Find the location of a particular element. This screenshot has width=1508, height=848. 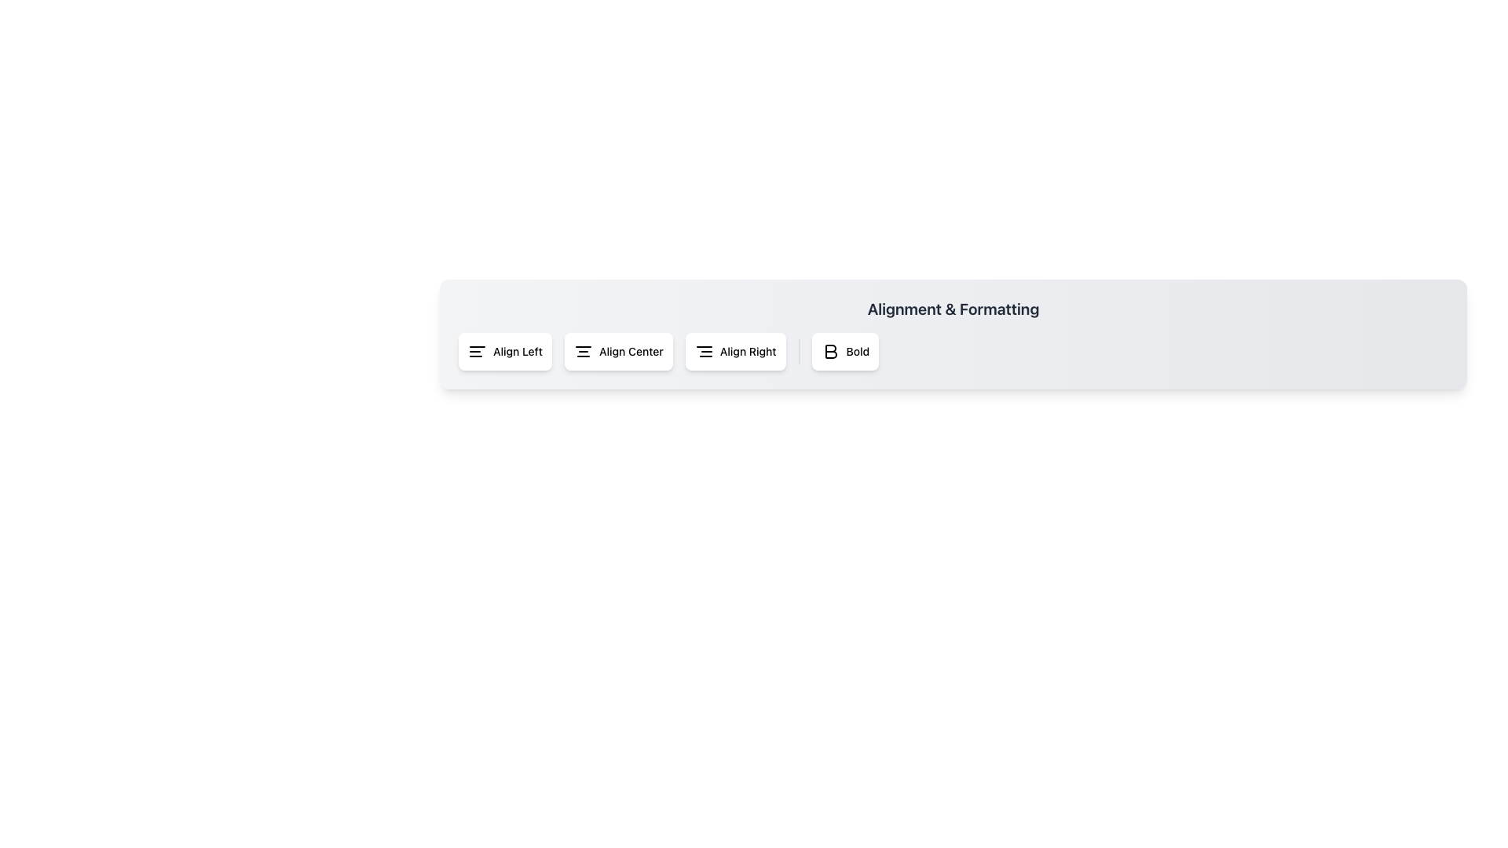

the 'Align Right' button label in the horizontal toolbar, which indicates the action of aligning text to the right is located at coordinates (747, 350).